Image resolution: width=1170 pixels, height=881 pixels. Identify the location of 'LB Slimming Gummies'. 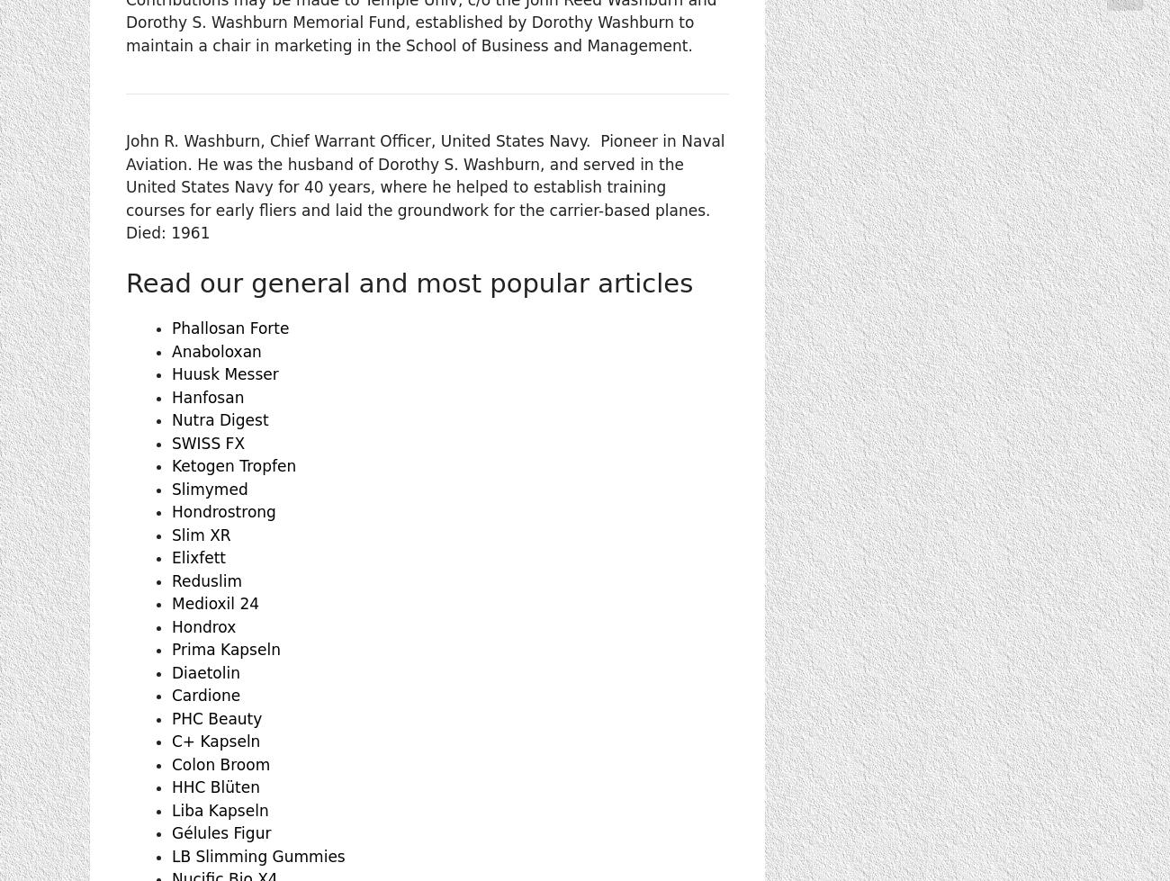
(258, 855).